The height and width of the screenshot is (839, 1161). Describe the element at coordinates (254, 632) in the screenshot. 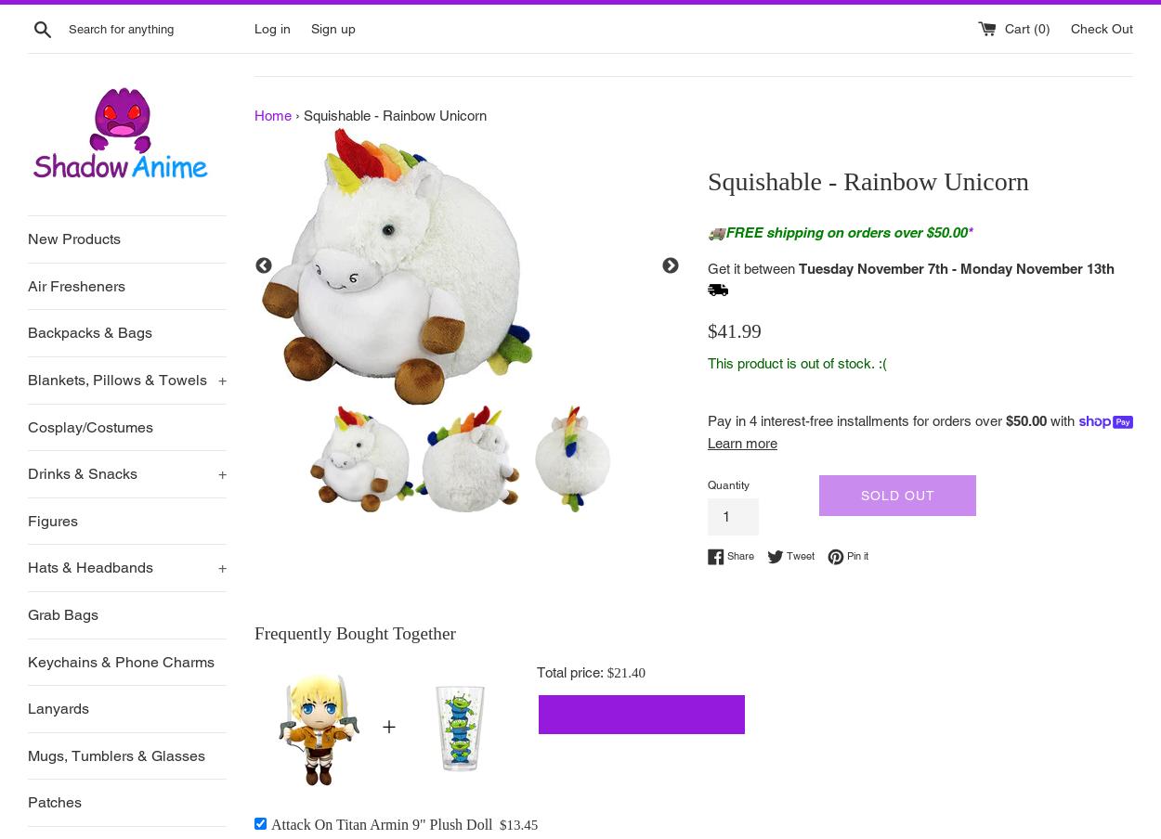

I see `'Frequently Bought Together'` at that location.